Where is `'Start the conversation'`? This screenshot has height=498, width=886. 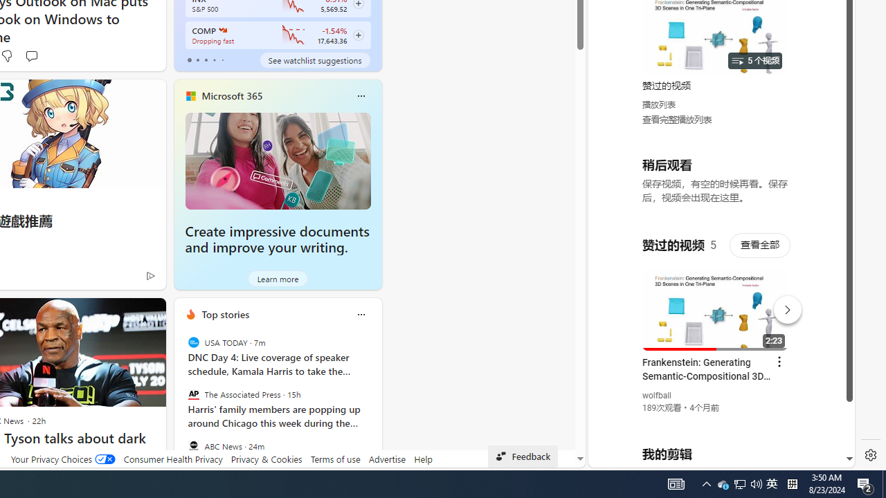 'Start the conversation' is located at coordinates (31, 55).